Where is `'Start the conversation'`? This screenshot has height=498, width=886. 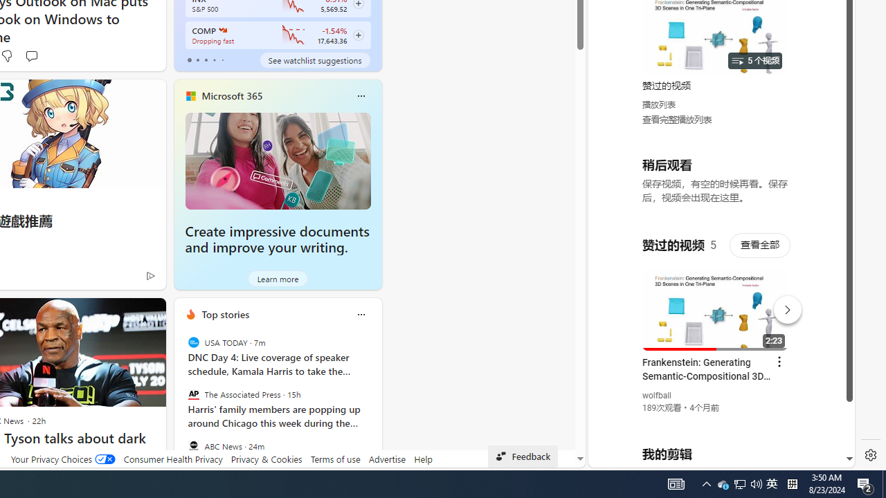 'Start the conversation' is located at coordinates (31, 55).